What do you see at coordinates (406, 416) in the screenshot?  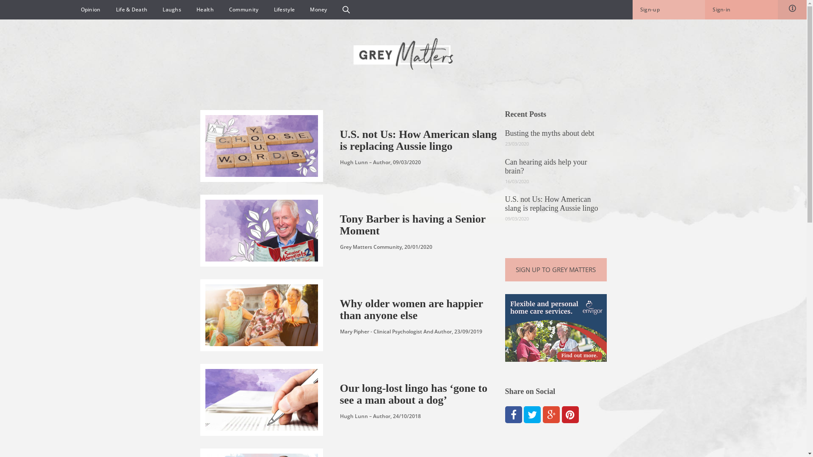 I see `'24/10/2018'` at bounding box center [406, 416].